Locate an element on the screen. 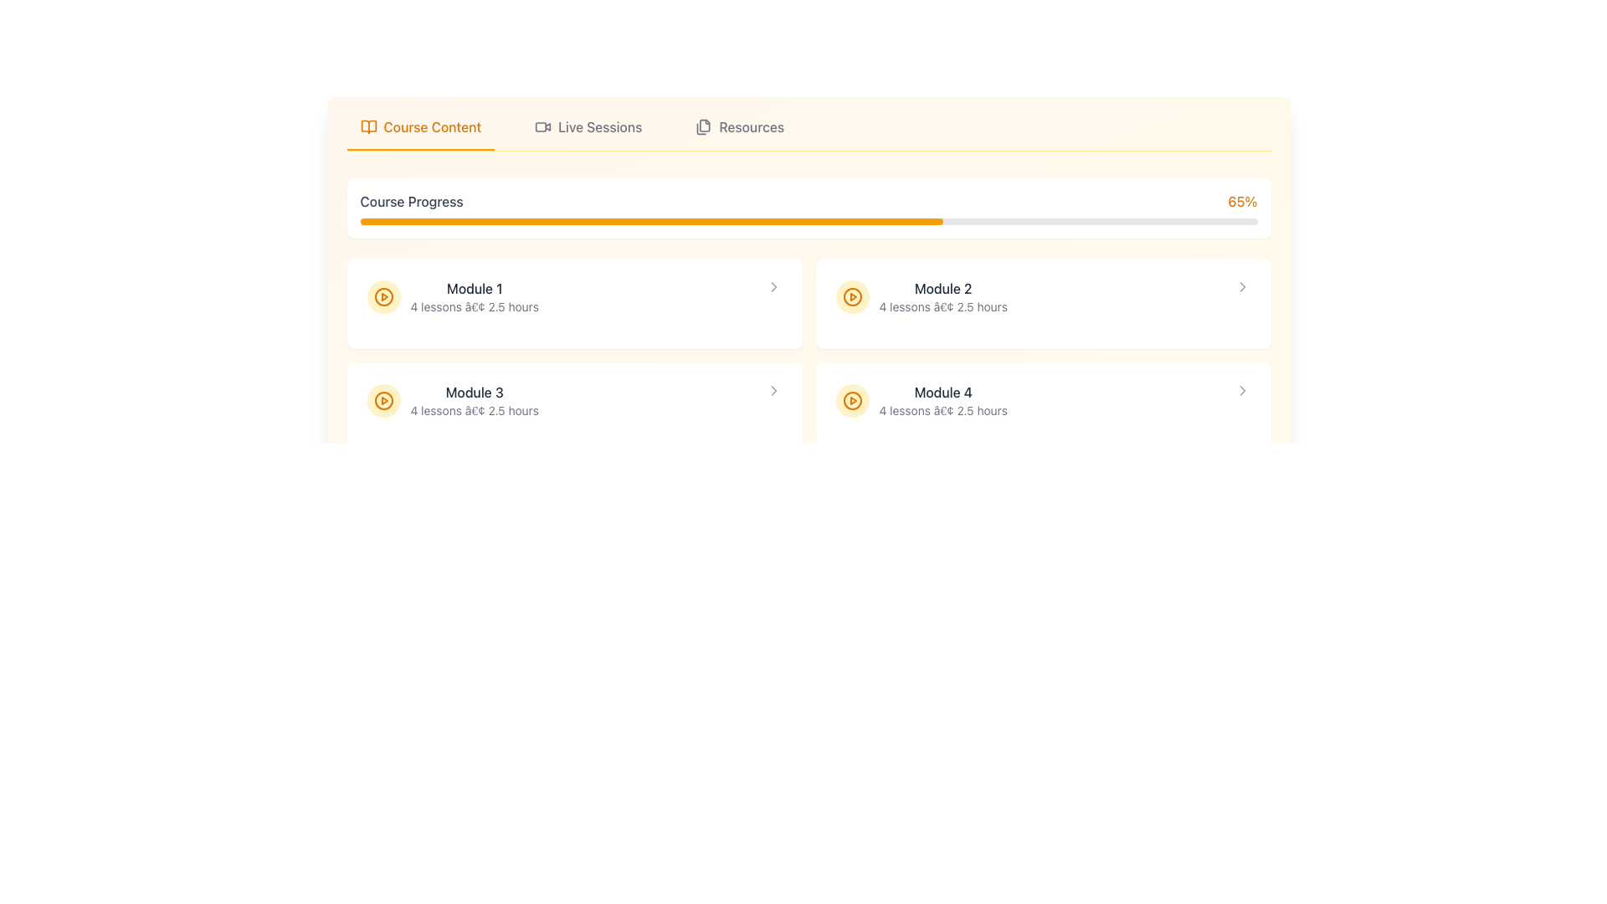 The width and height of the screenshot is (1607, 904). the 'Course Content' button in the top navigation bar is located at coordinates (420, 132).